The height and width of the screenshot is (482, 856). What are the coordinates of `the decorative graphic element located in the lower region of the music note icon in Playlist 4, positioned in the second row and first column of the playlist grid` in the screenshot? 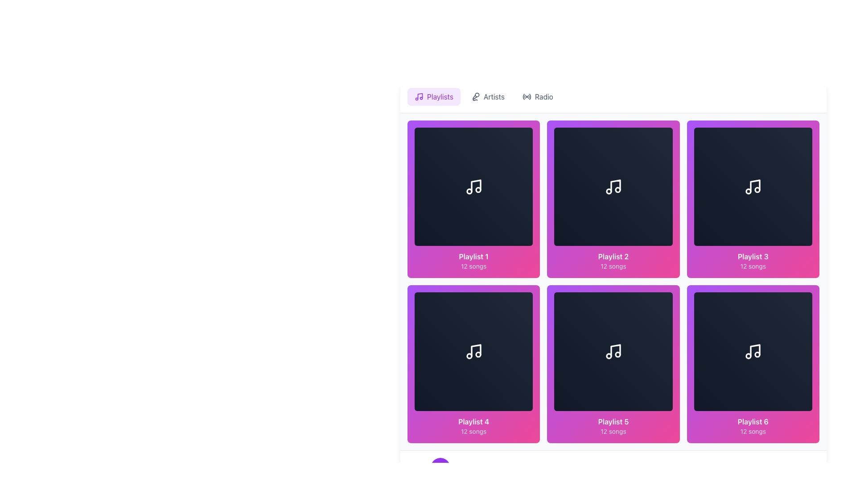 It's located at (477, 354).